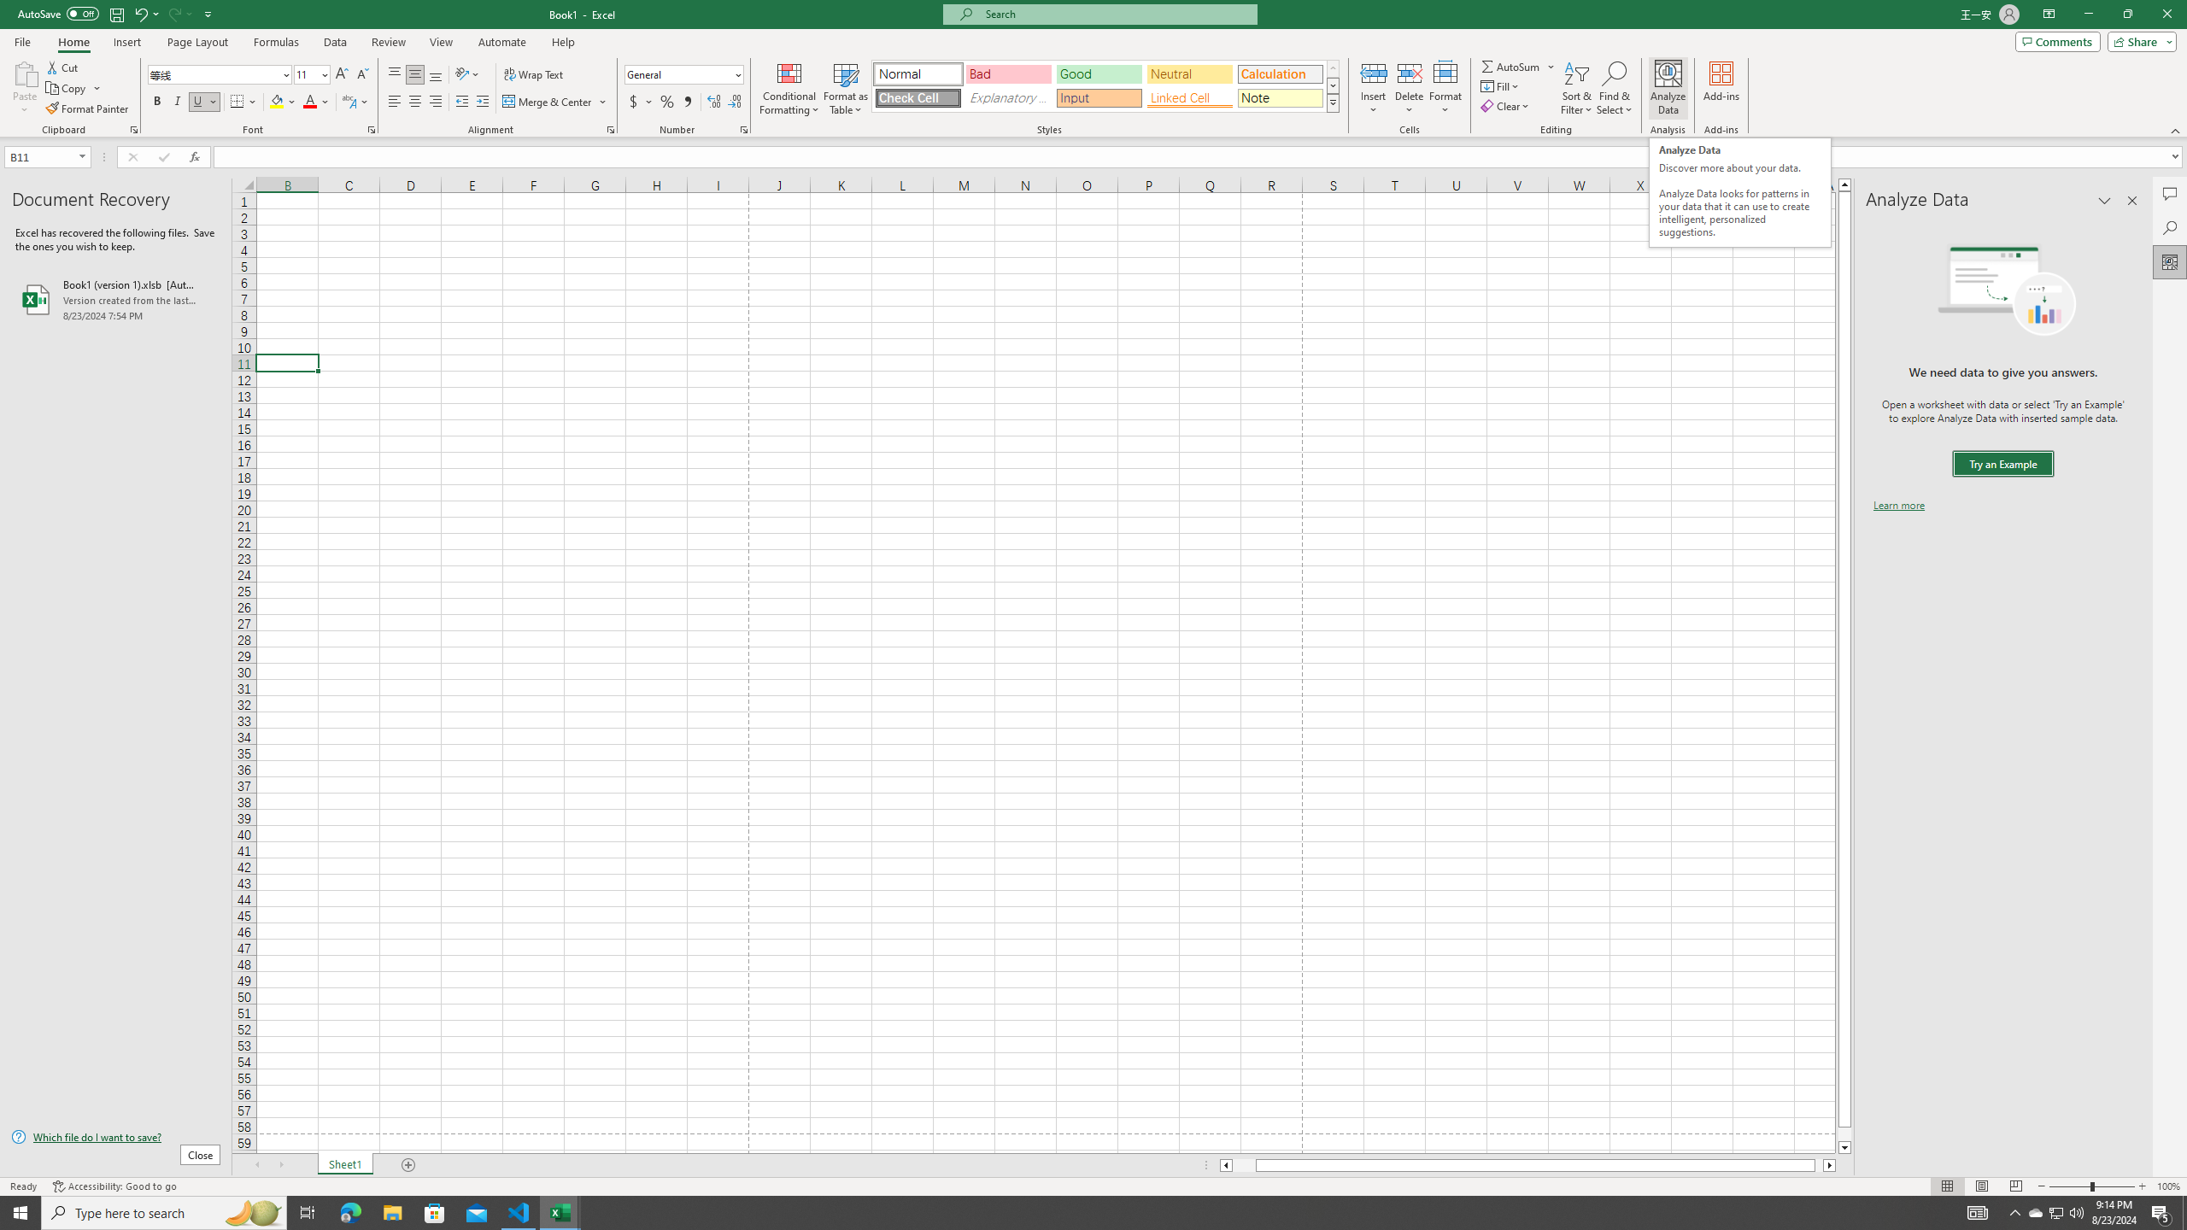 The width and height of the screenshot is (2187, 1230). Describe the element at coordinates (132, 128) in the screenshot. I see `'Office Clipboard...'` at that location.